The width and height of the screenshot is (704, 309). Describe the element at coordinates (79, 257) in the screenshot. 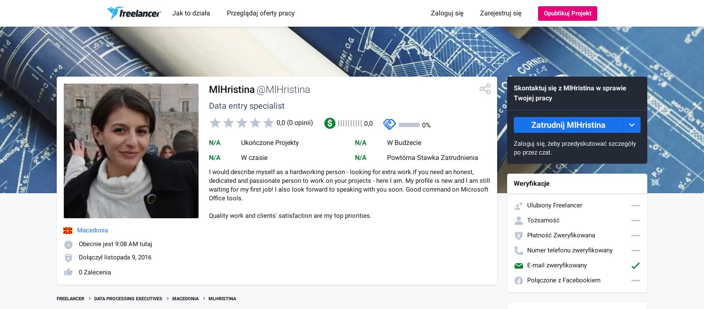

I see `'Dołączył listopada 9, 2016'` at that location.